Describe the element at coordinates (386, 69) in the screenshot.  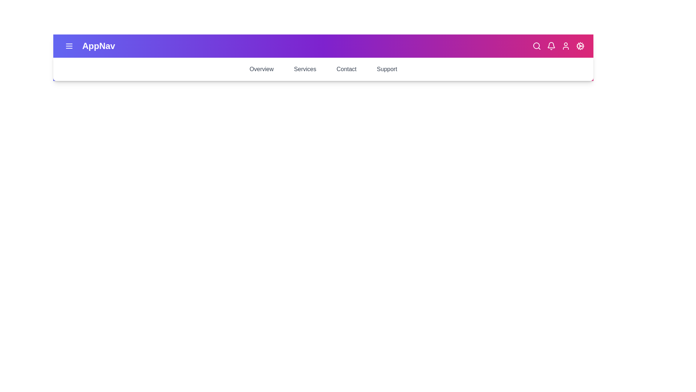
I see `the 'Support' menu item to navigate to the support section` at that location.